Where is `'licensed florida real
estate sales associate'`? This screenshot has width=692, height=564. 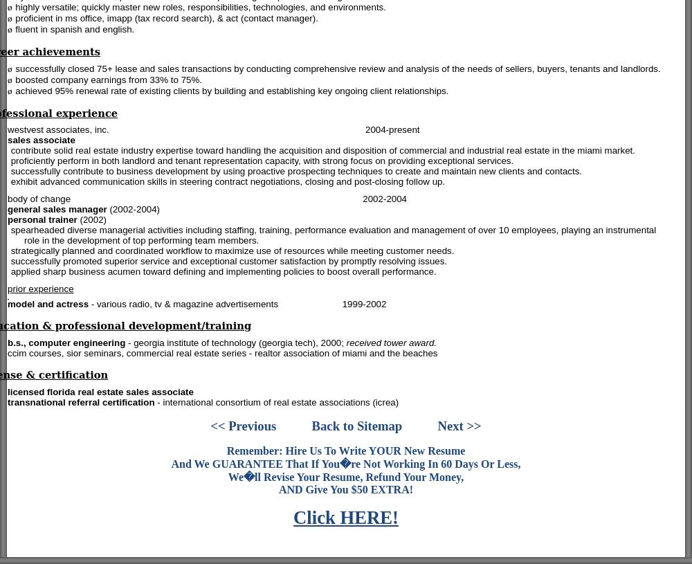
'licensed florida real
estate sales associate' is located at coordinates (100, 391).